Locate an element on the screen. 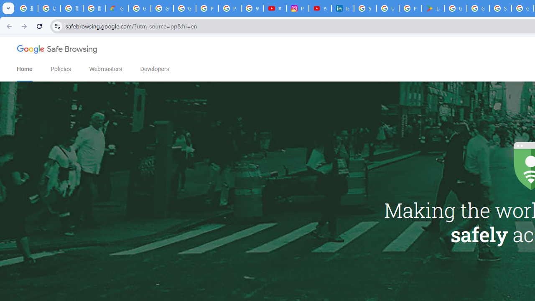  'Webmasters' is located at coordinates (105, 69).